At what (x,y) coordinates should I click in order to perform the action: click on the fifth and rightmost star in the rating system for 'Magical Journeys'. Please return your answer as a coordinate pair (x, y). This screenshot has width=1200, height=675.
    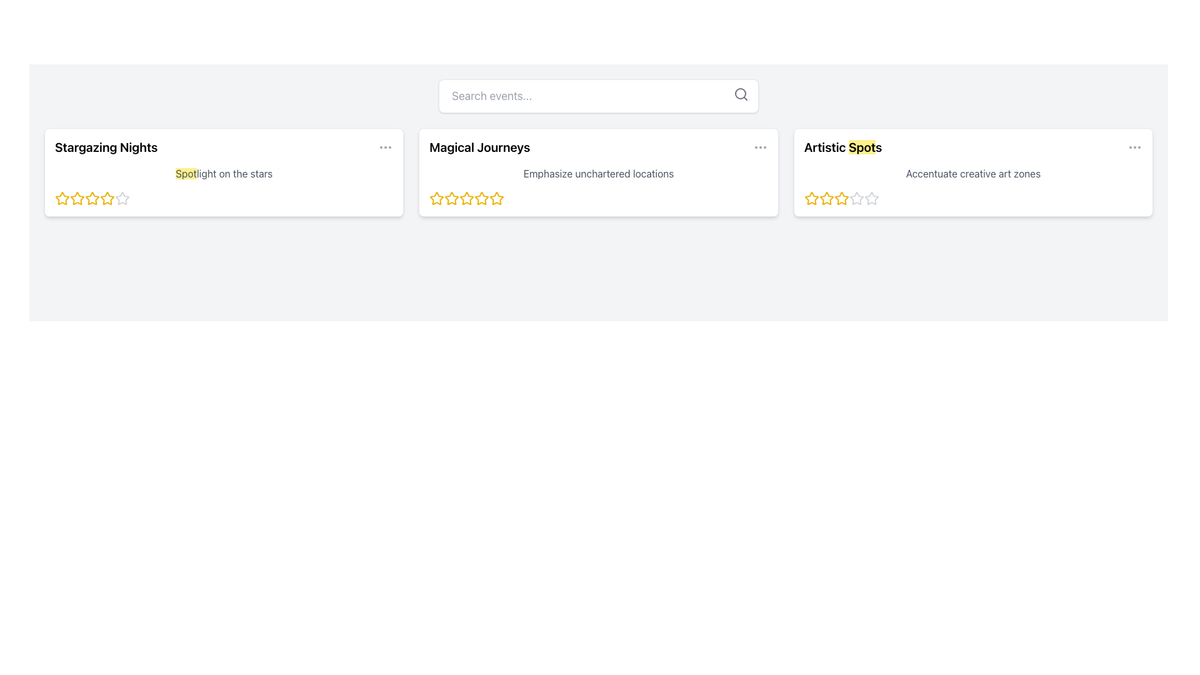
    Looking at the image, I should click on (496, 197).